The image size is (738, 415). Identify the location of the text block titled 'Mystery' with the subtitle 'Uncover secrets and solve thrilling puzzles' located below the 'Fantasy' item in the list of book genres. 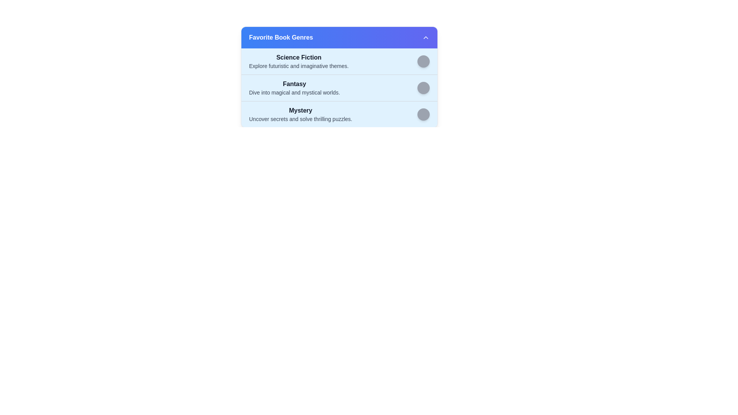
(300, 114).